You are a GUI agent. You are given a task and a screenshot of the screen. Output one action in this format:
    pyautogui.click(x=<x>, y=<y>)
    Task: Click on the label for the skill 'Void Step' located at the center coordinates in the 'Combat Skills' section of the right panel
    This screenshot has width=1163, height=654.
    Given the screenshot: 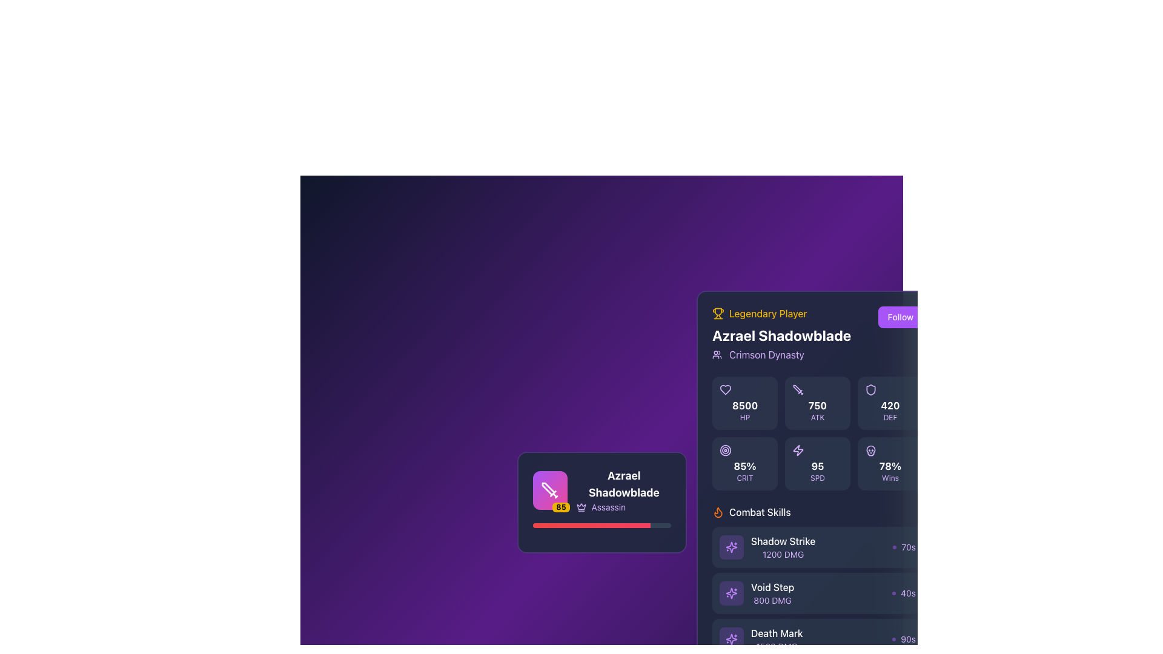 What is the action you would take?
    pyautogui.click(x=772, y=586)
    